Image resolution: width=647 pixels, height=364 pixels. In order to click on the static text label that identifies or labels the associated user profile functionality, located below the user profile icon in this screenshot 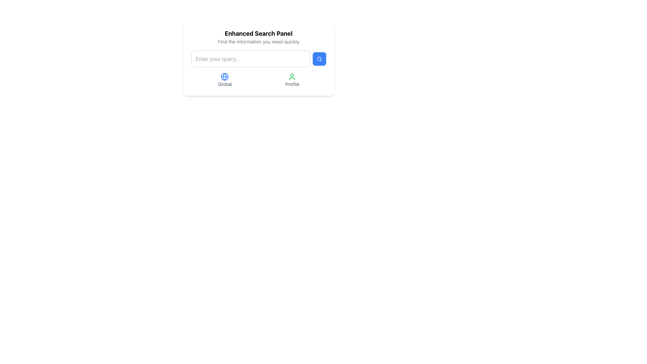, I will do `click(292, 84)`.